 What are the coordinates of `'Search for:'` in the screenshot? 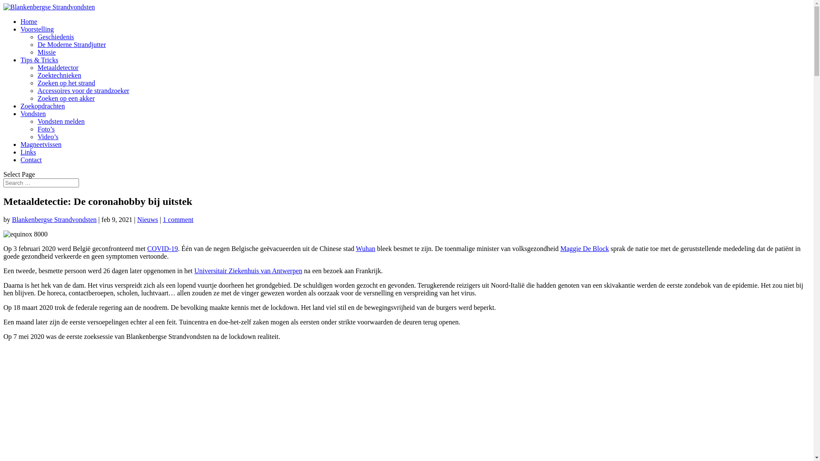 It's located at (3, 182).